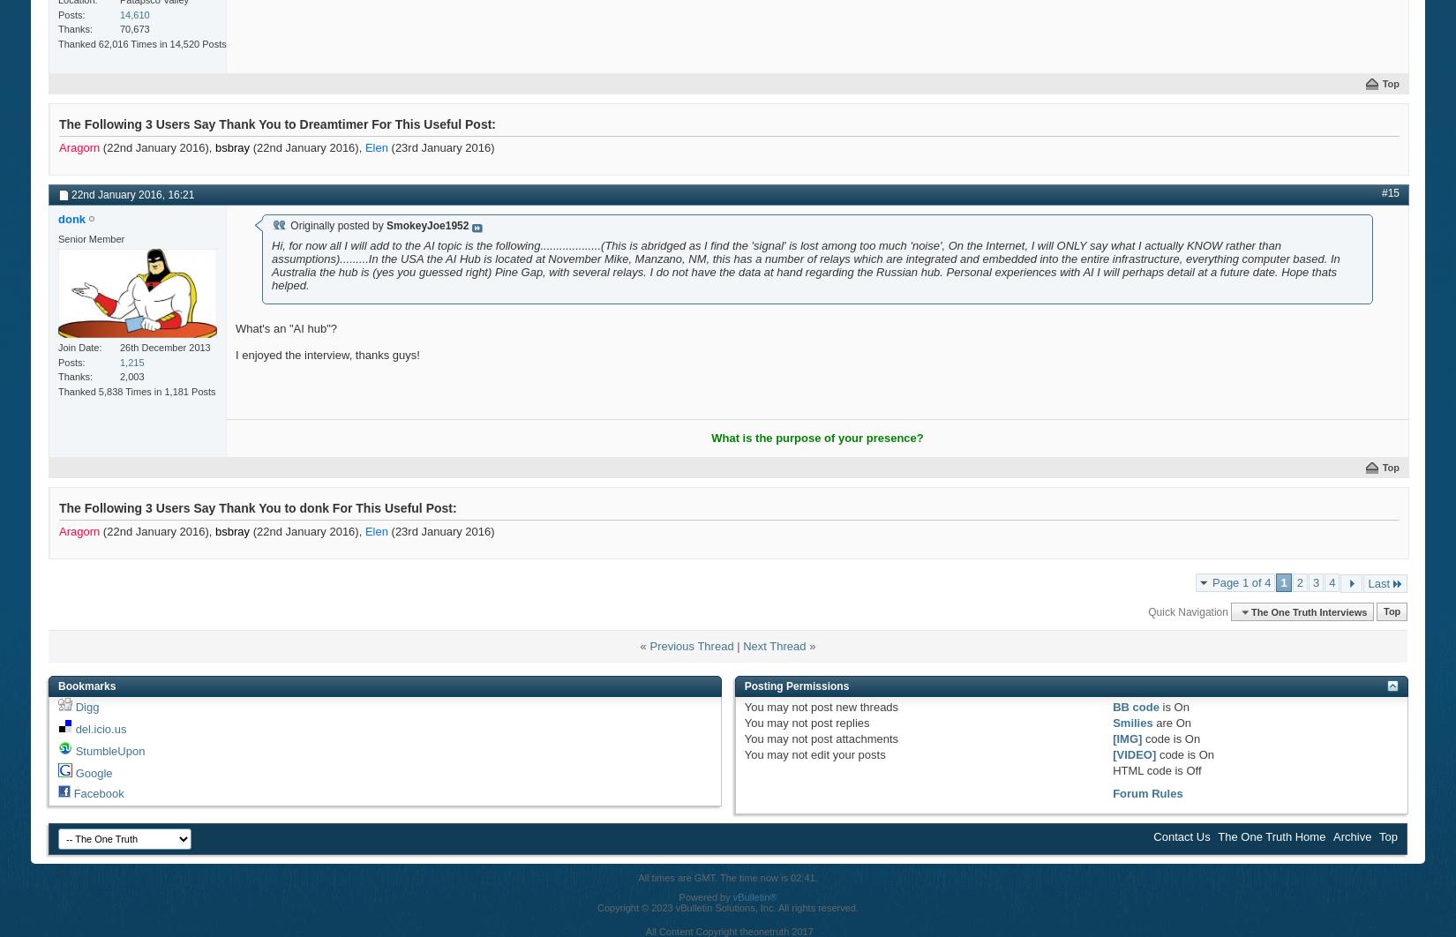  What do you see at coordinates (1308, 611) in the screenshot?
I see `'The One Truth Interviews'` at bounding box center [1308, 611].